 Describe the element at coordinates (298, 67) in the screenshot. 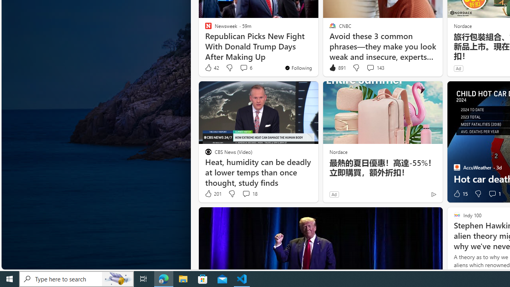

I see `'You'` at that location.